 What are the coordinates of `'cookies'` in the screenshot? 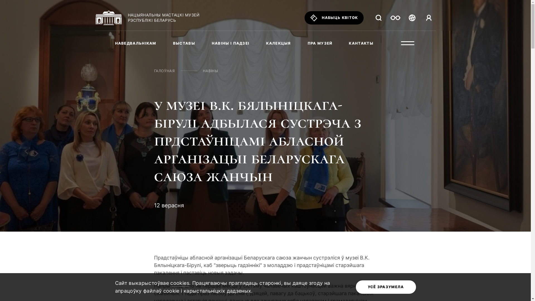 It's located at (179, 283).